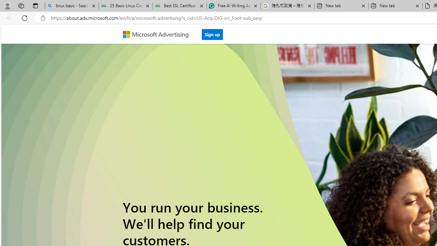 This screenshot has width=437, height=246. Describe the element at coordinates (234, 6) in the screenshot. I see `'Free AI Writing Assistance for Students | Grammarly'` at that location.